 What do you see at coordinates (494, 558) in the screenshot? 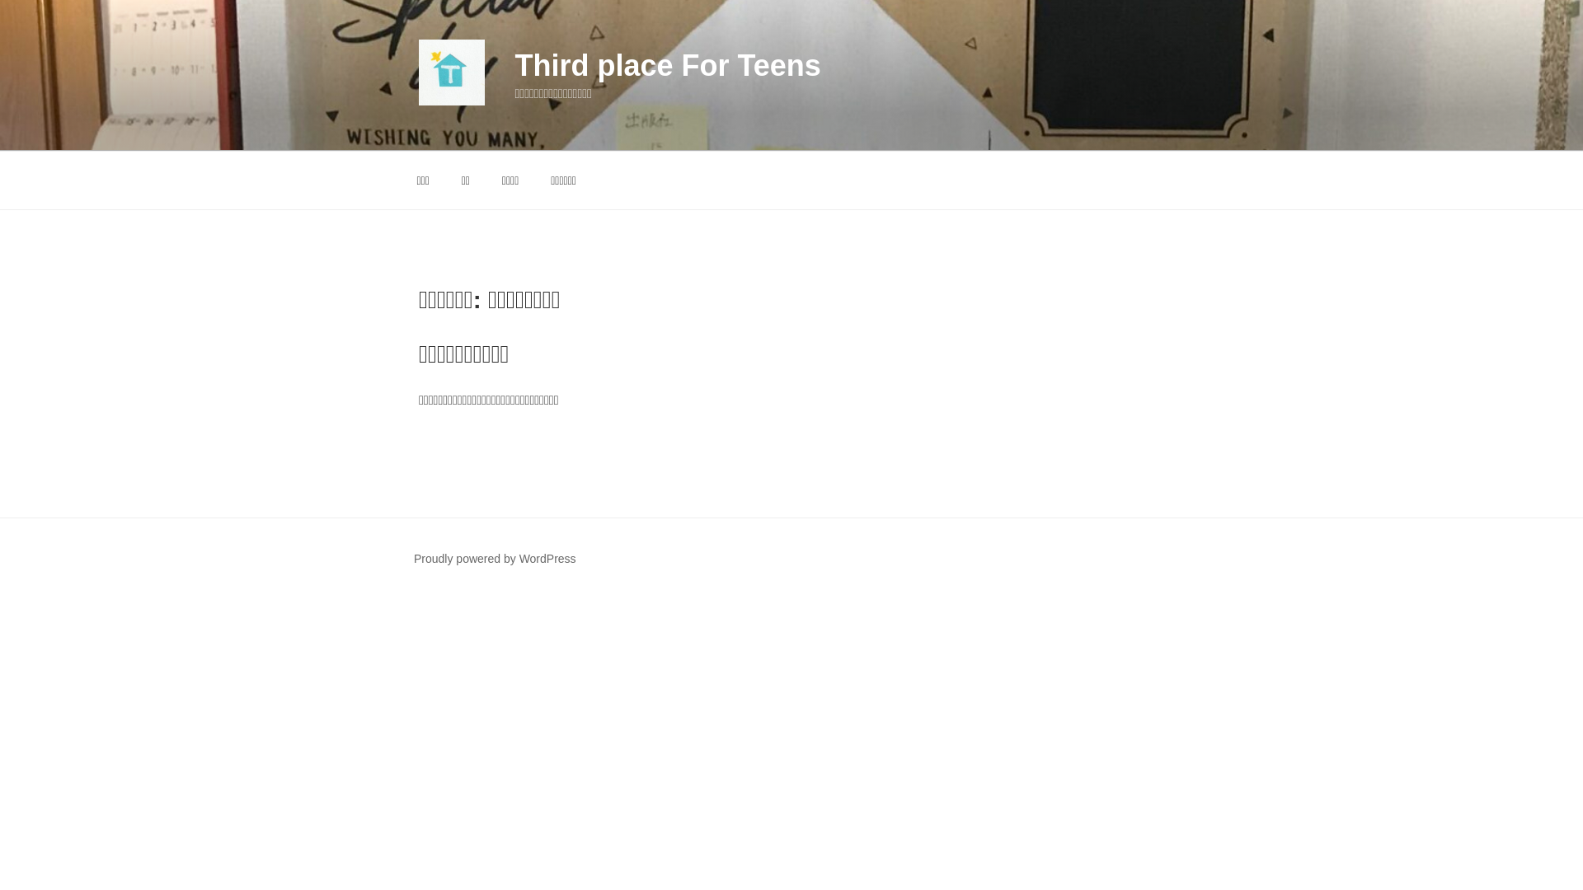
I see `'Proudly powered by WordPress'` at bounding box center [494, 558].